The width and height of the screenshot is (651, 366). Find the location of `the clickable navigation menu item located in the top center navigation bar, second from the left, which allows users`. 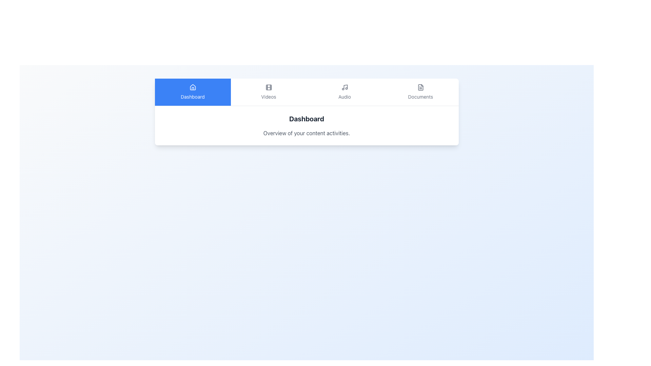

the clickable navigation menu item located in the top center navigation bar, second from the left, which allows users is located at coordinates (268, 92).